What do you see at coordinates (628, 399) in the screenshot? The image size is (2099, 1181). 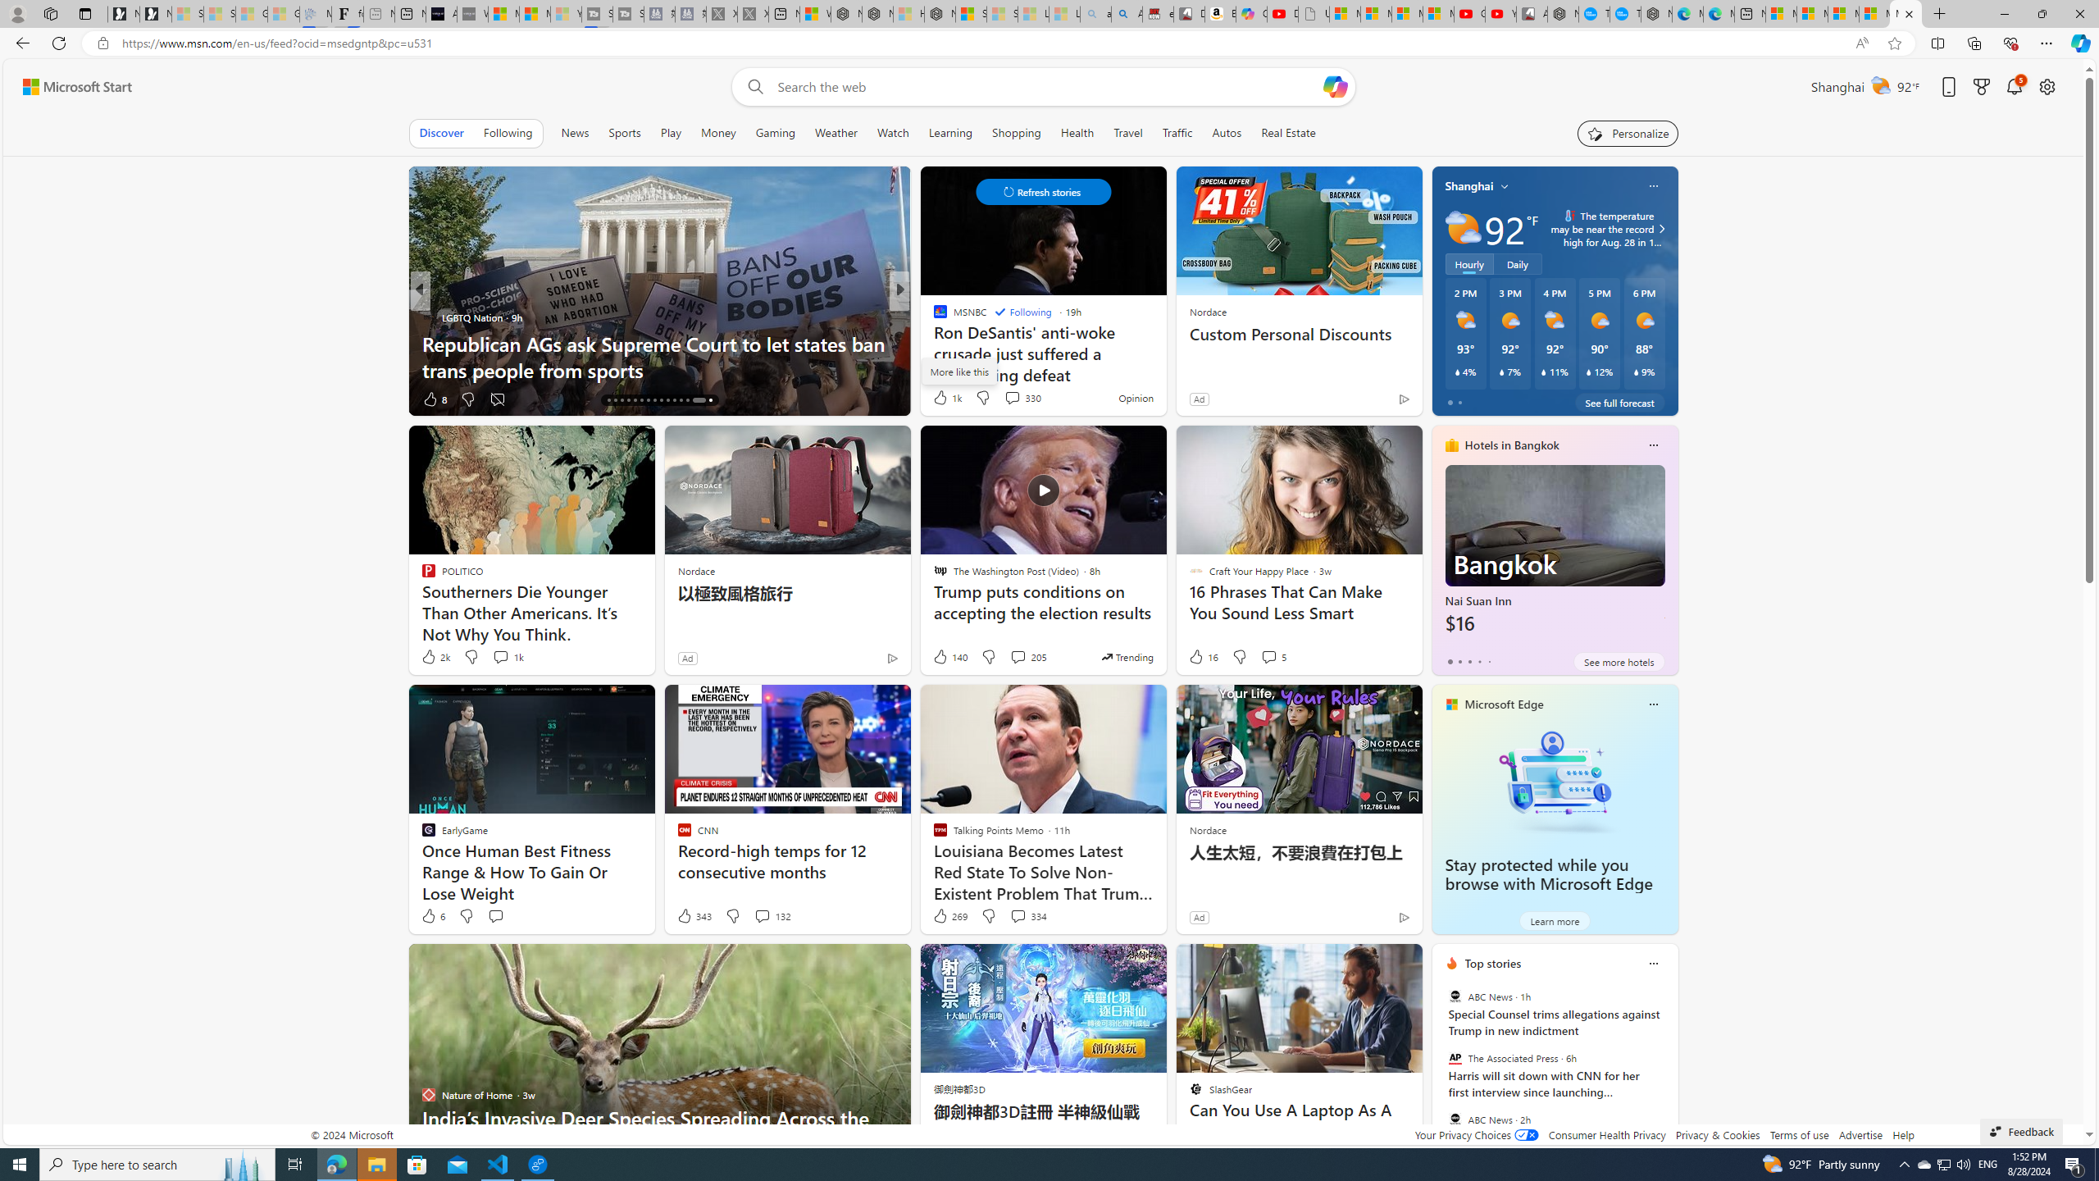 I see `'AutomationID: tab-19'` at bounding box center [628, 399].